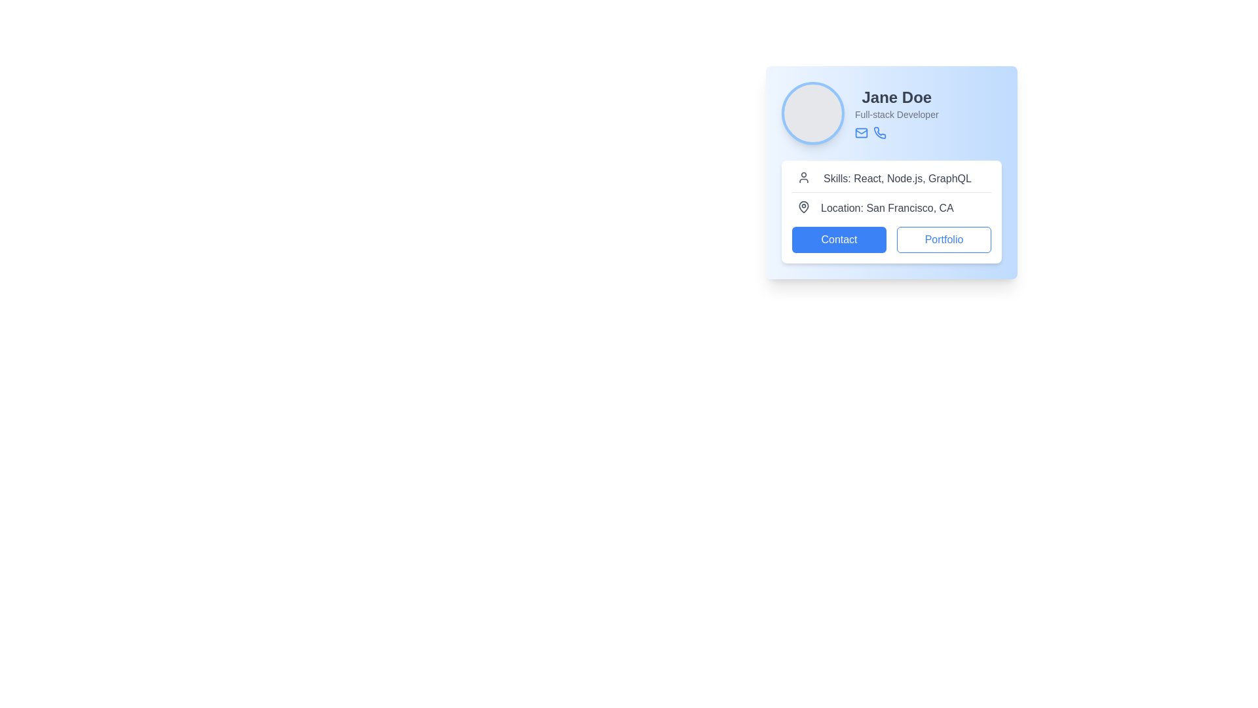 Image resolution: width=1258 pixels, height=708 pixels. I want to click on the leftmost envelope icon located below the user's name and profession, so click(862, 133).